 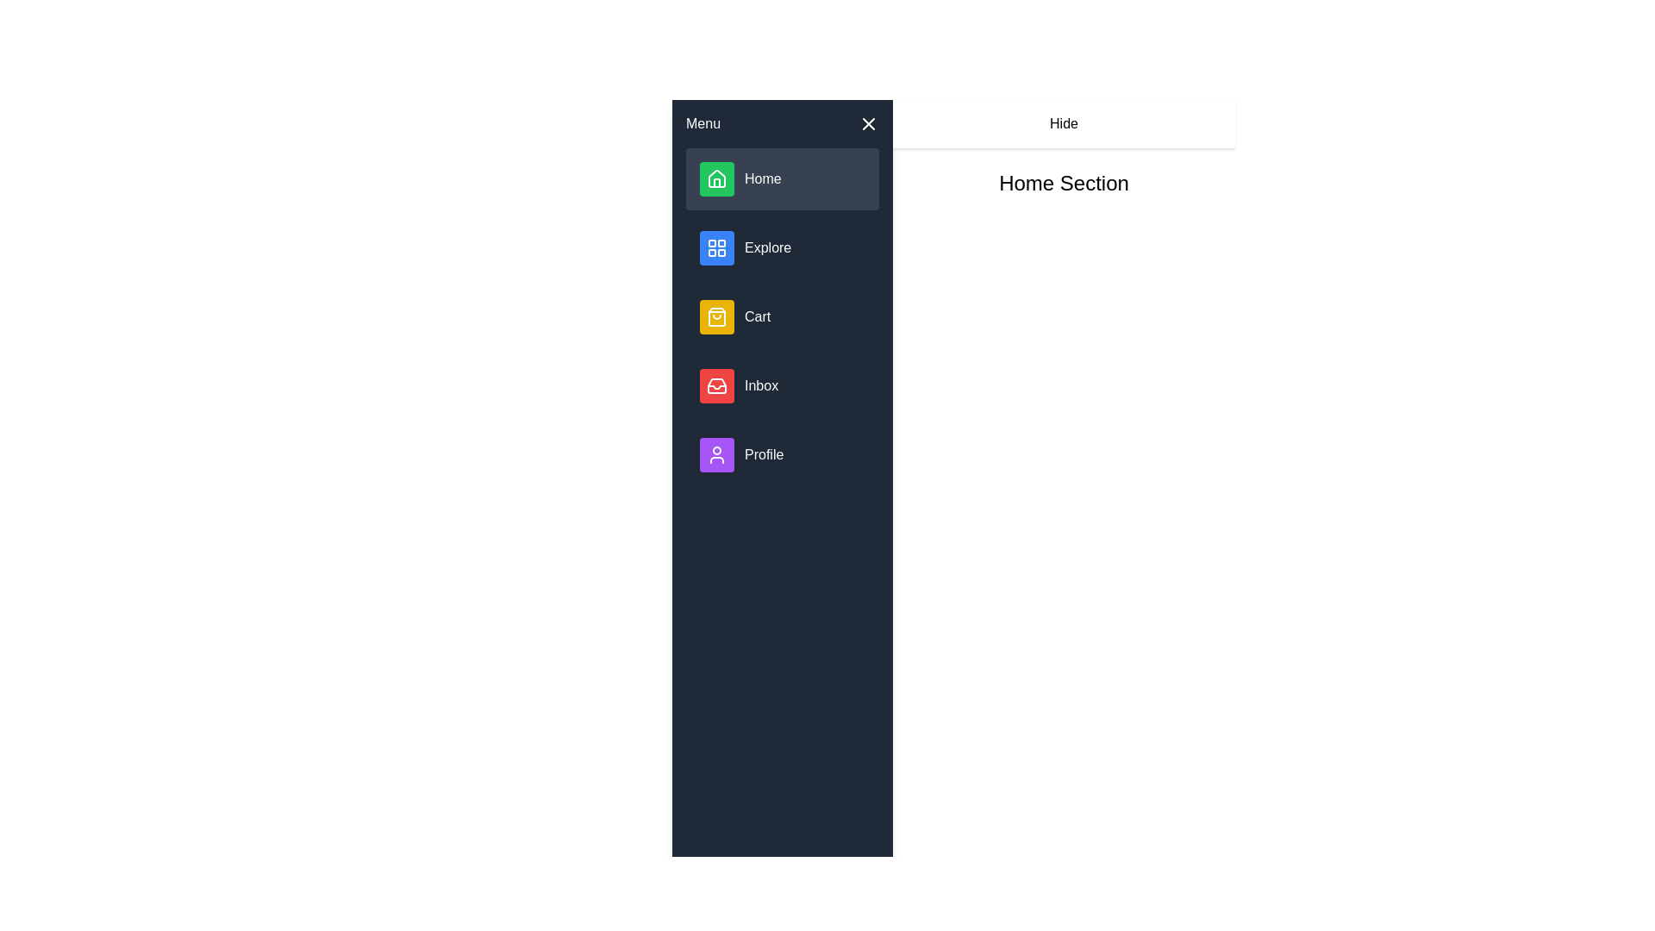 I want to click on the close button icon represented by a diagonal line forming part of an 'X' shape located in the top-right corner of the vertical menu sidebar using available keyboard shortcuts, so click(x=869, y=122).